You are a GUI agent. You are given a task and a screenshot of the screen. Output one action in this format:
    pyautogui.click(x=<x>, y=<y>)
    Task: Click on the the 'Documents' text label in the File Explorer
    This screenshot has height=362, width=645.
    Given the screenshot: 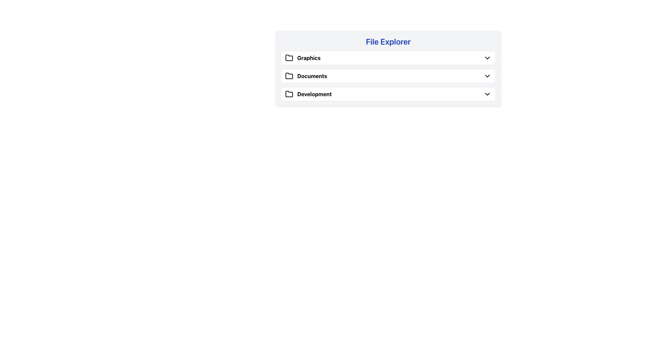 What is the action you would take?
    pyautogui.click(x=306, y=76)
    